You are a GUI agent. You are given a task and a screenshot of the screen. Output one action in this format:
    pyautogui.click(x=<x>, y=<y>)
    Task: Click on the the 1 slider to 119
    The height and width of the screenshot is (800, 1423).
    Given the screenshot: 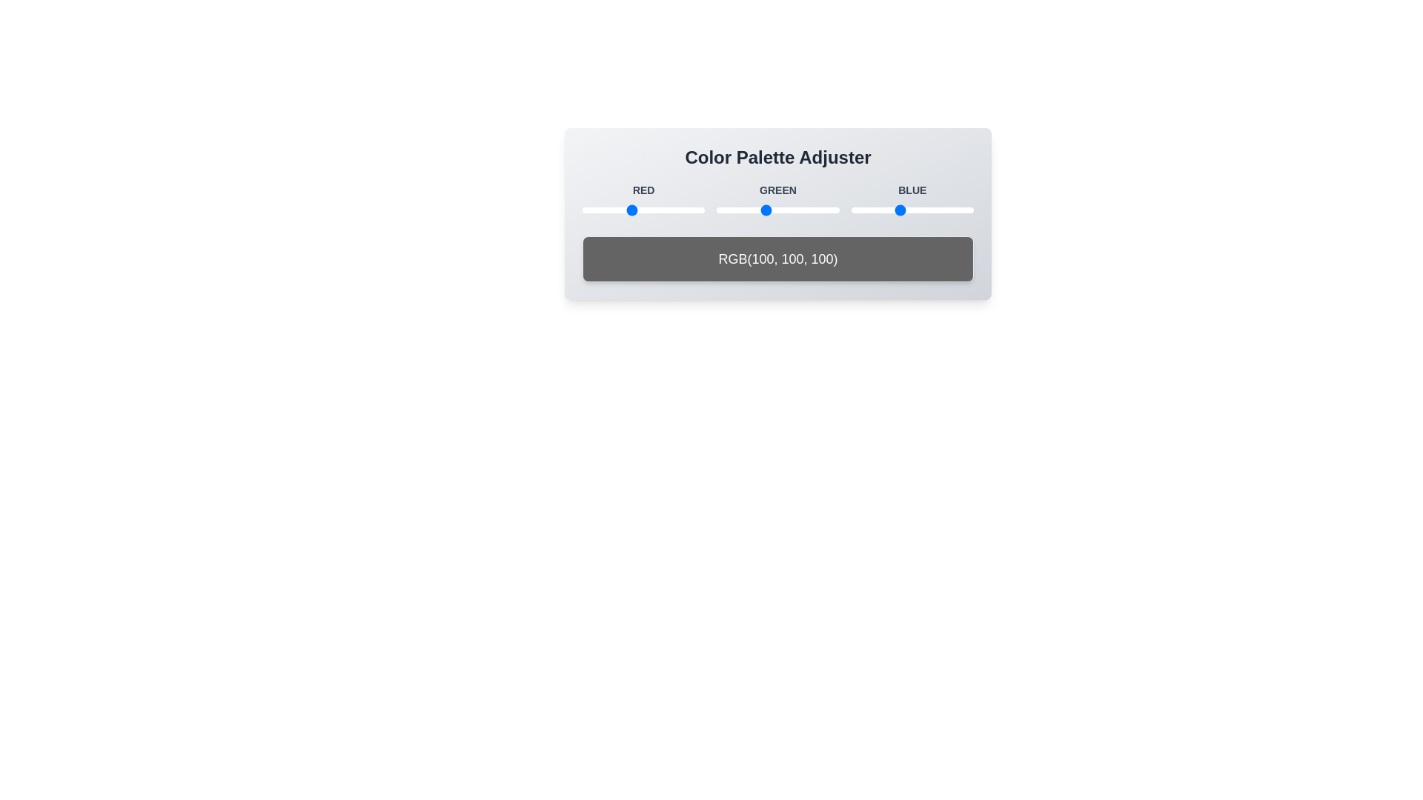 What is the action you would take?
    pyautogui.click(x=640, y=210)
    